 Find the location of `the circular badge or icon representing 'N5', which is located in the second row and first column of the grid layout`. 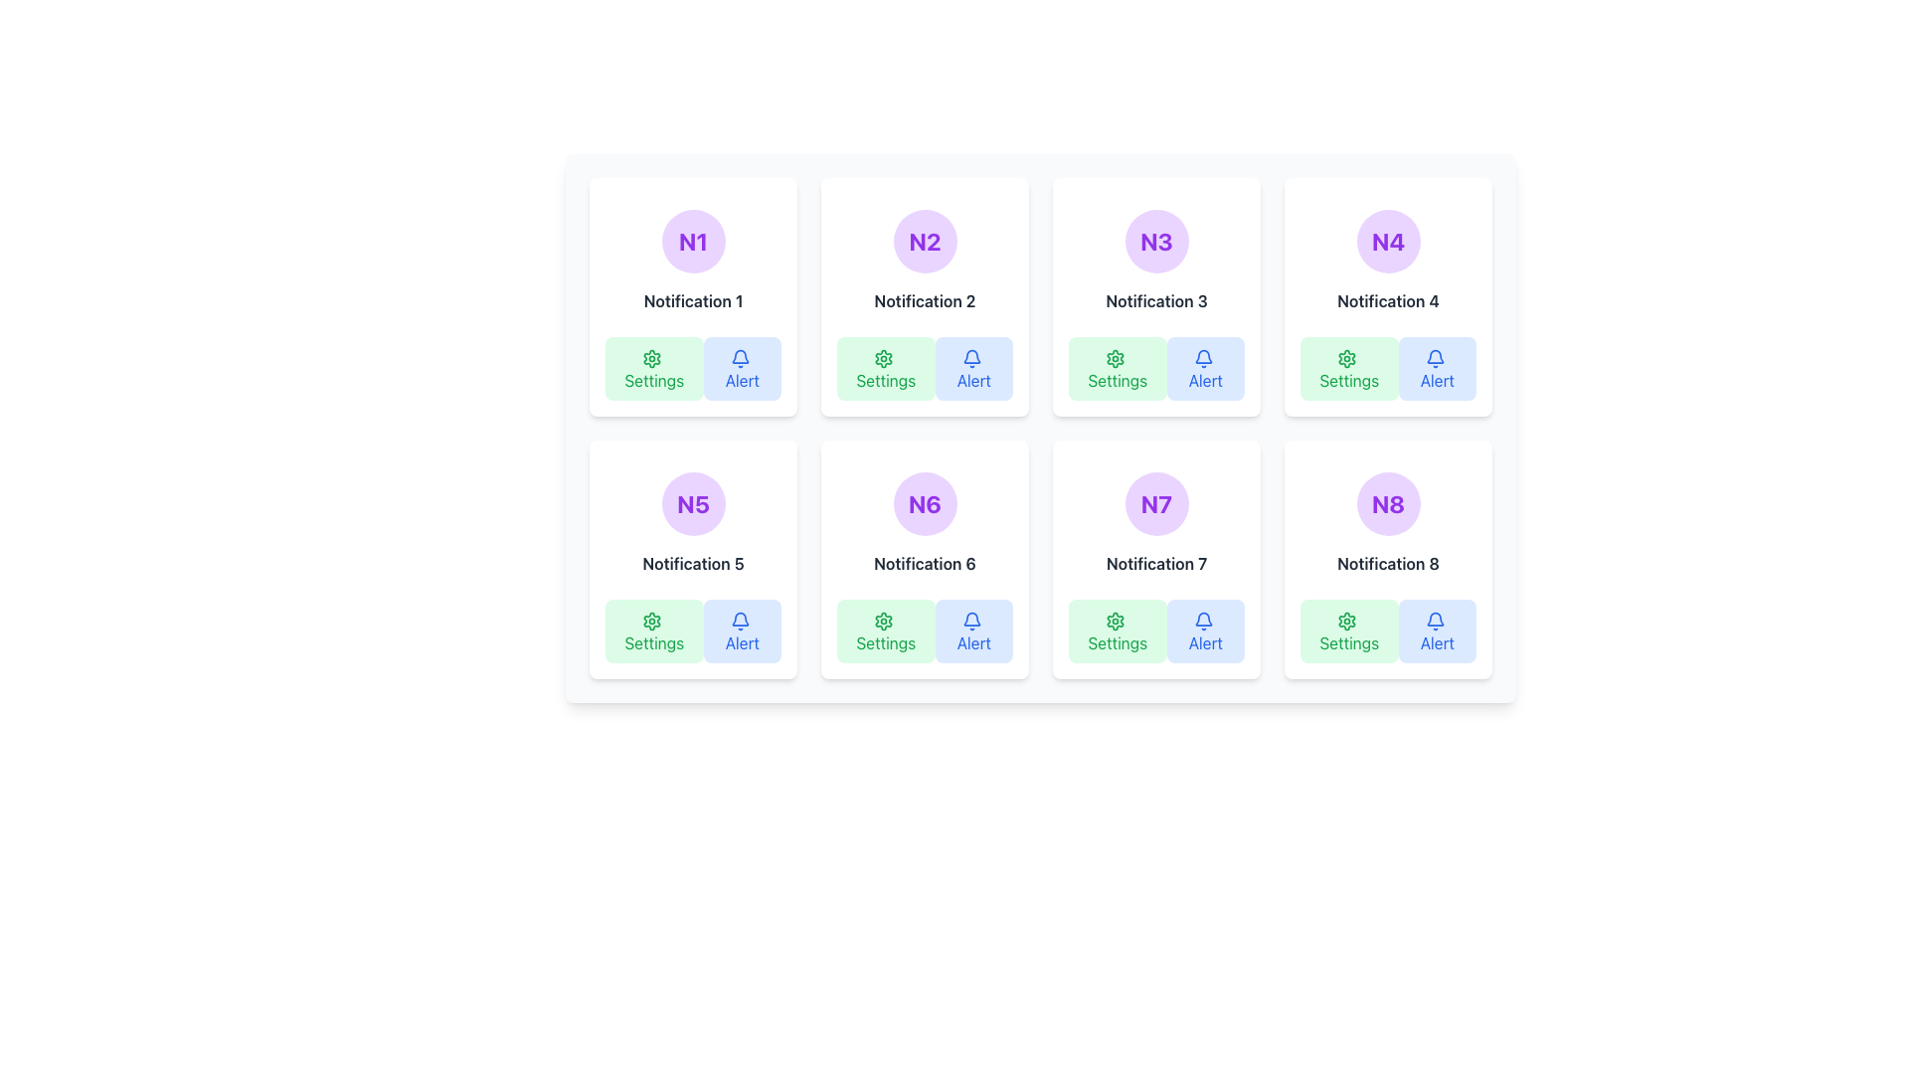

the circular badge or icon representing 'N5', which is located in the second row and first column of the grid layout is located at coordinates (693, 502).